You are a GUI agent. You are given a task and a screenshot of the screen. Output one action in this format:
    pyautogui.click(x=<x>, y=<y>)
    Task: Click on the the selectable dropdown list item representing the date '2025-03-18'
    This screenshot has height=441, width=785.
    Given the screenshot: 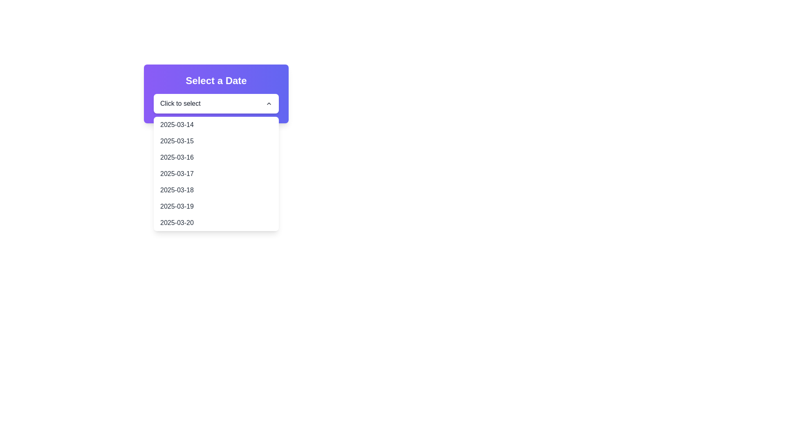 What is the action you would take?
    pyautogui.click(x=216, y=190)
    